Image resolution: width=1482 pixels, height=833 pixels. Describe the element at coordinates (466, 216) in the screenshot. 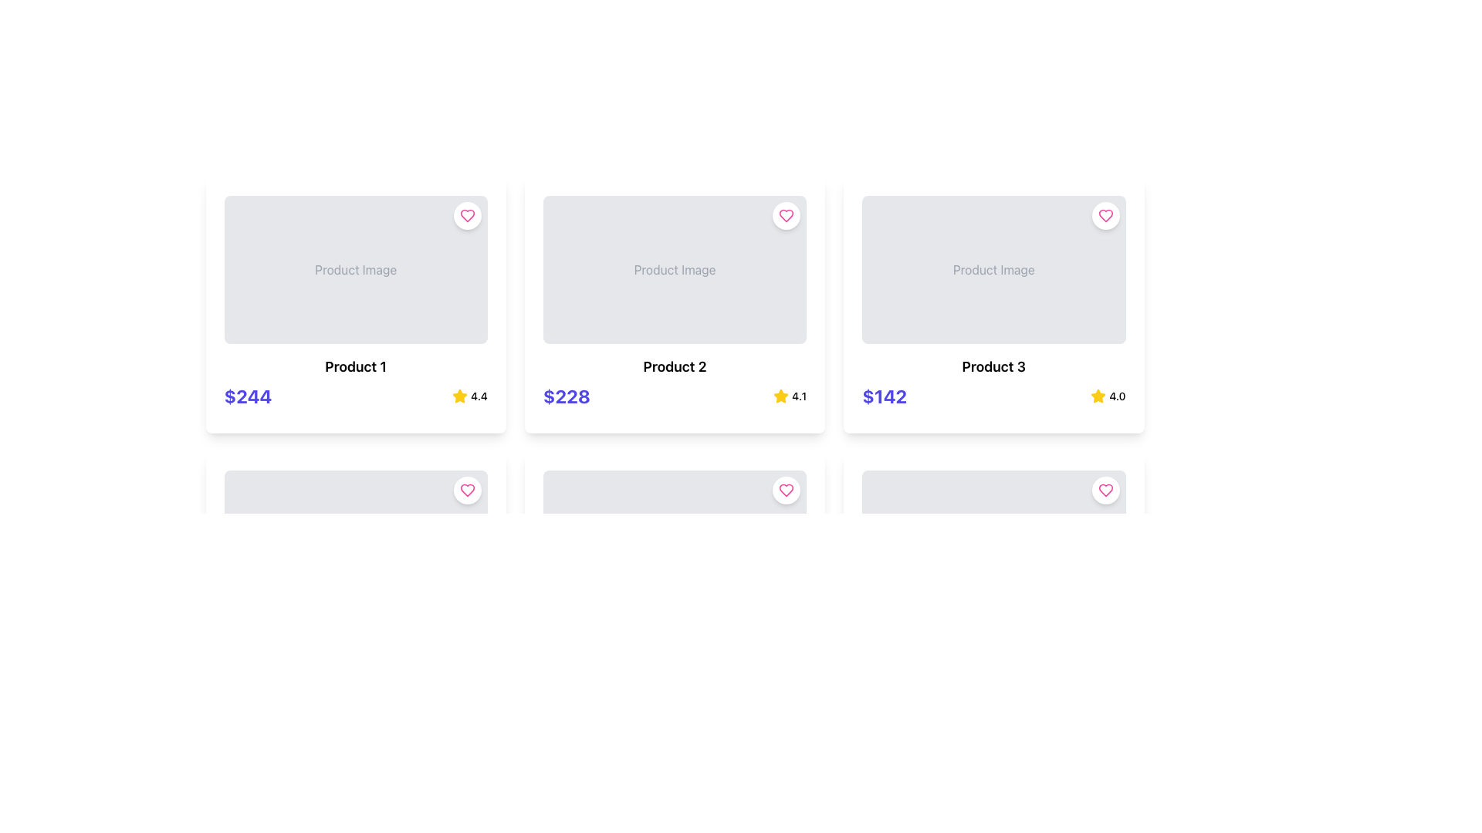

I see `the interactive button located at the top-right corner of the 'Product 1' card` at that location.